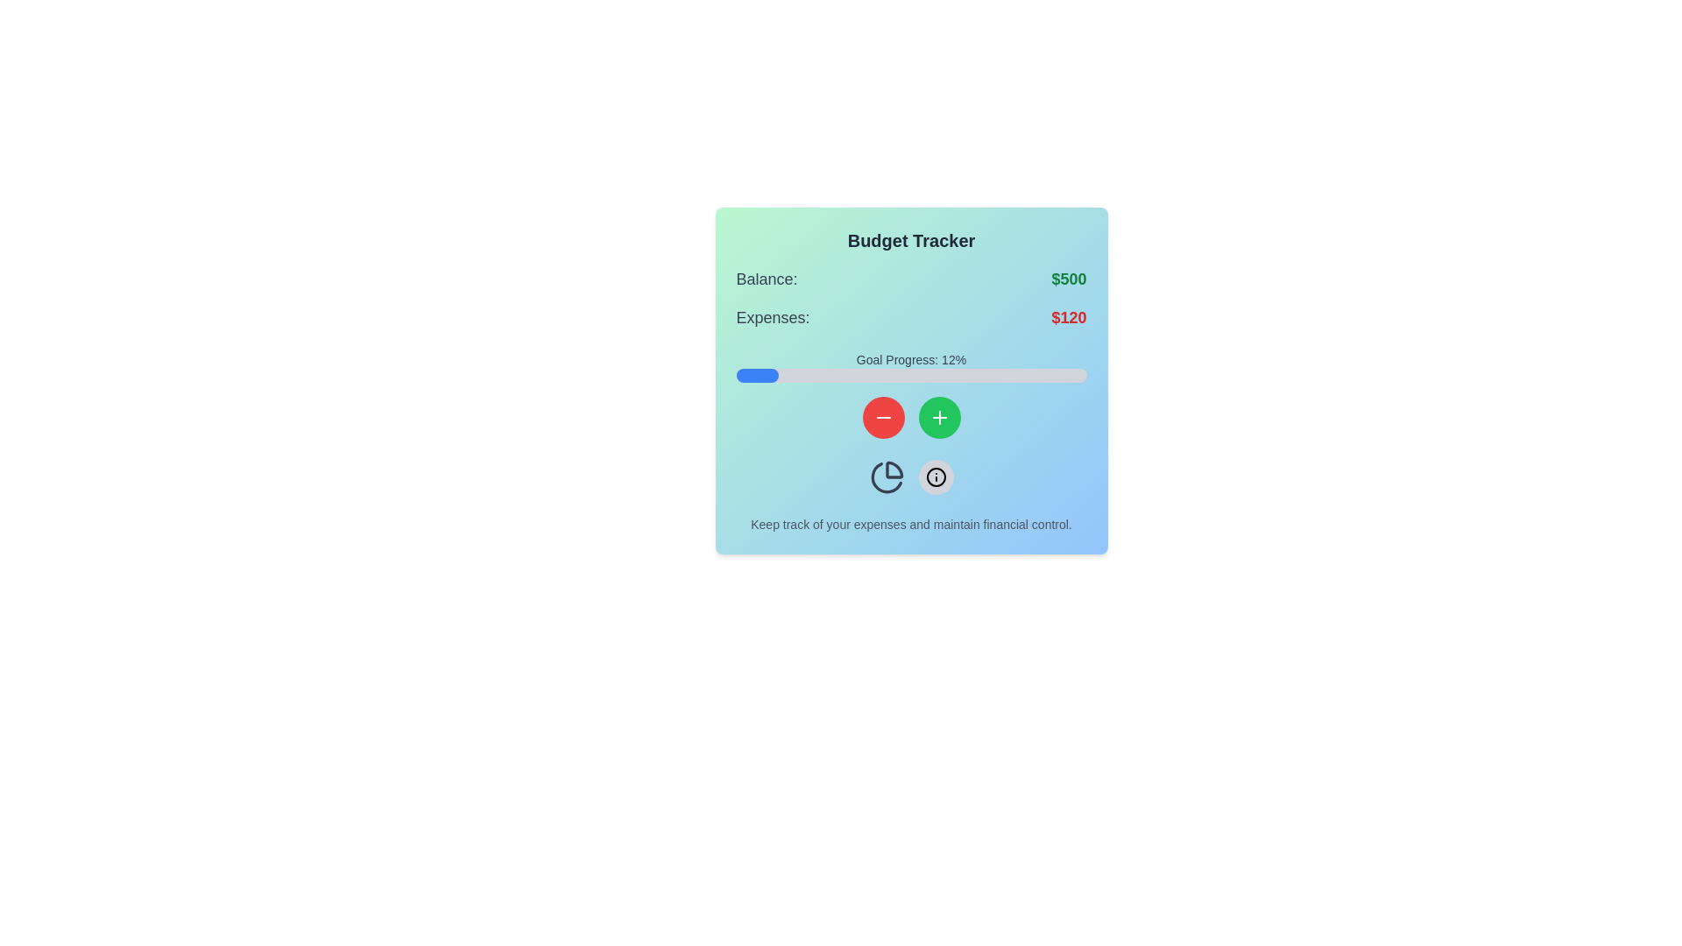  I want to click on the circular outline of the SVG-based information icon located towards the bottom-right area of the interface, so click(935, 477).